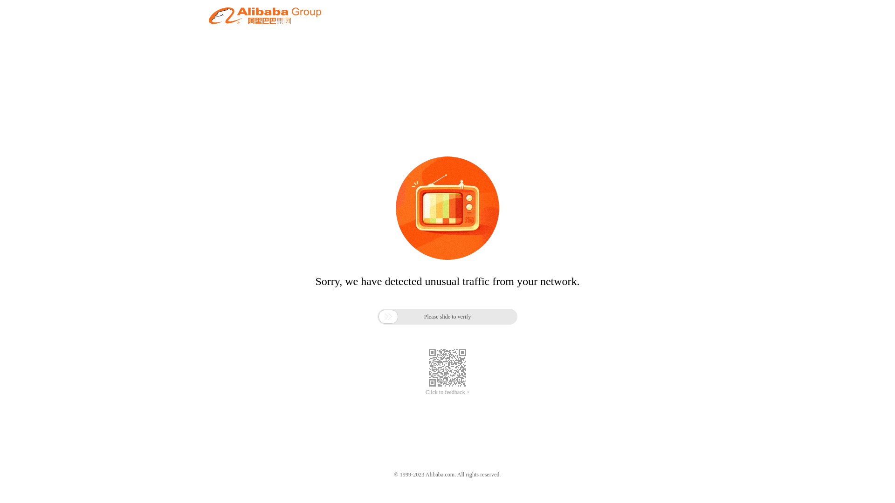  Describe the element at coordinates (447, 392) in the screenshot. I see `'Click to feedback >'` at that location.